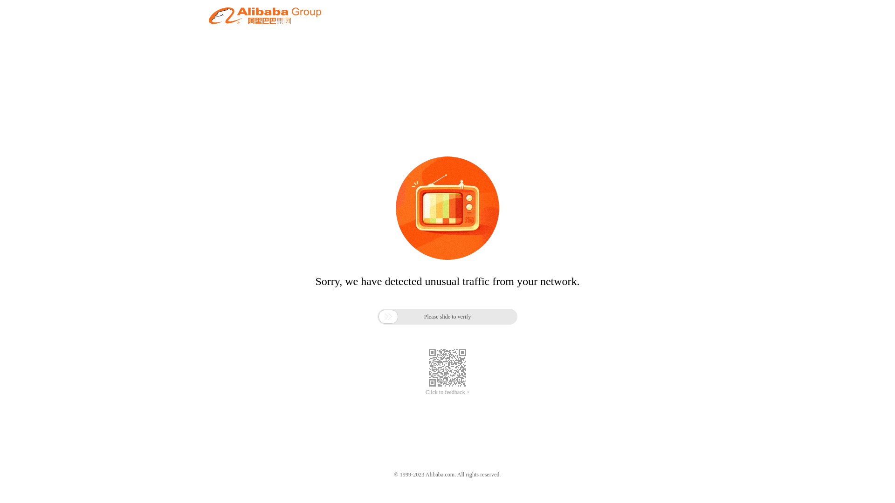  Describe the element at coordinates (447, 392) in the screenshot. I see `'Click to feedback >'` at that location.